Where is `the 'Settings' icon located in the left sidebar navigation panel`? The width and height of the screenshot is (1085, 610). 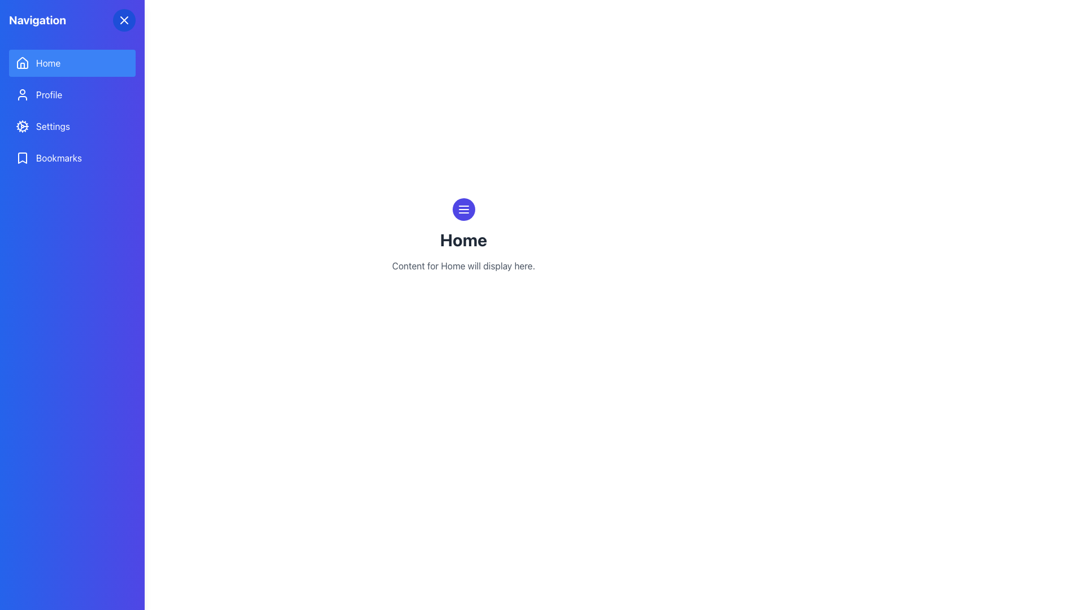 the 'Settings' icon located in the left sidebar navigation panel is located at coordinates (22, 126).